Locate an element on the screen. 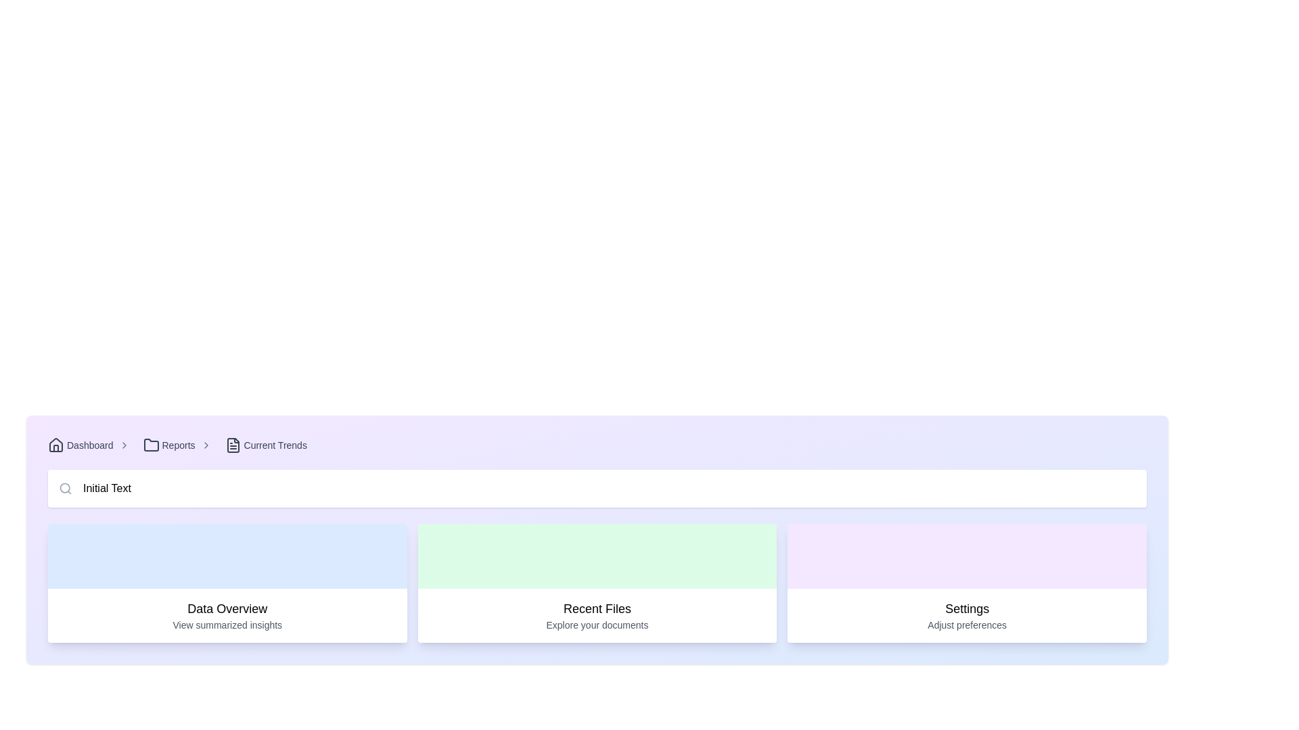 The height and width of the screenshot is (730, 1299). the static text element that indicates the current page or section in the breadcrumb navigation, positioned to the right of the home icon is located at coordinates (89, 445).